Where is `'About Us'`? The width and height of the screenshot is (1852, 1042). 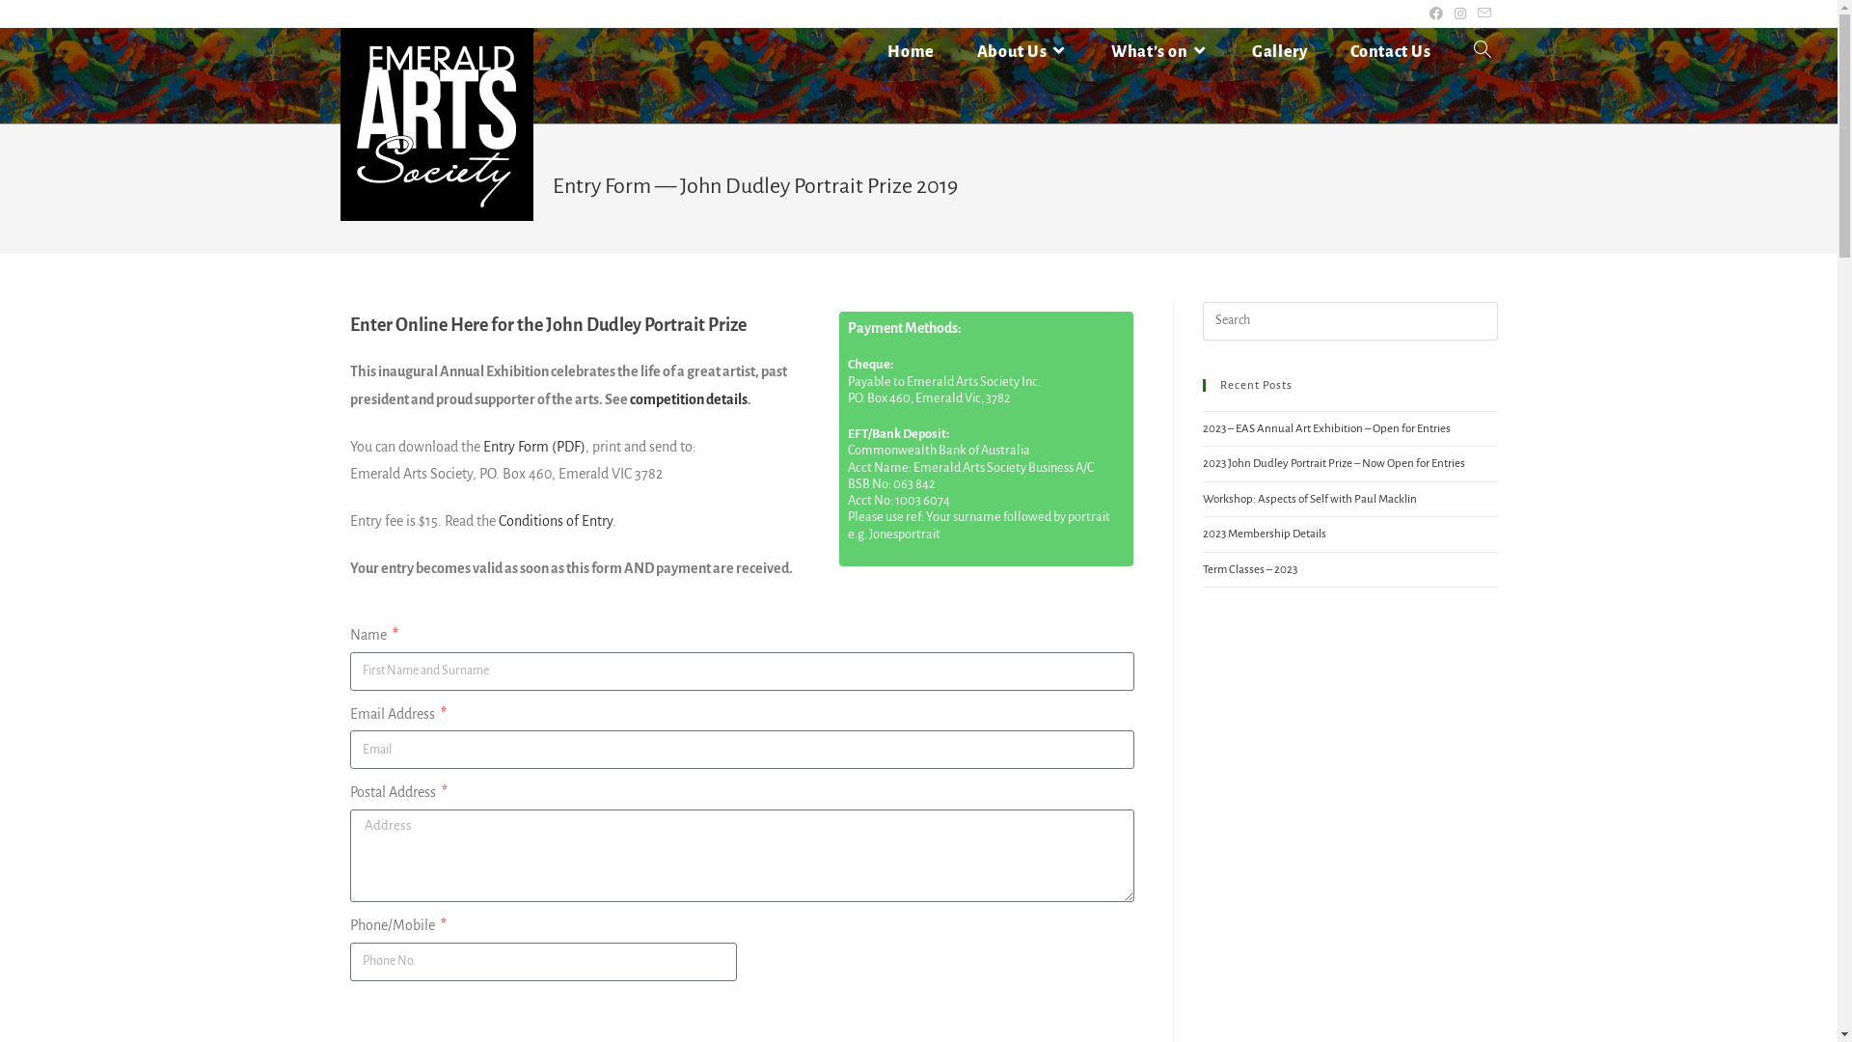 'About Us' is located at coordinates (1021, 51).